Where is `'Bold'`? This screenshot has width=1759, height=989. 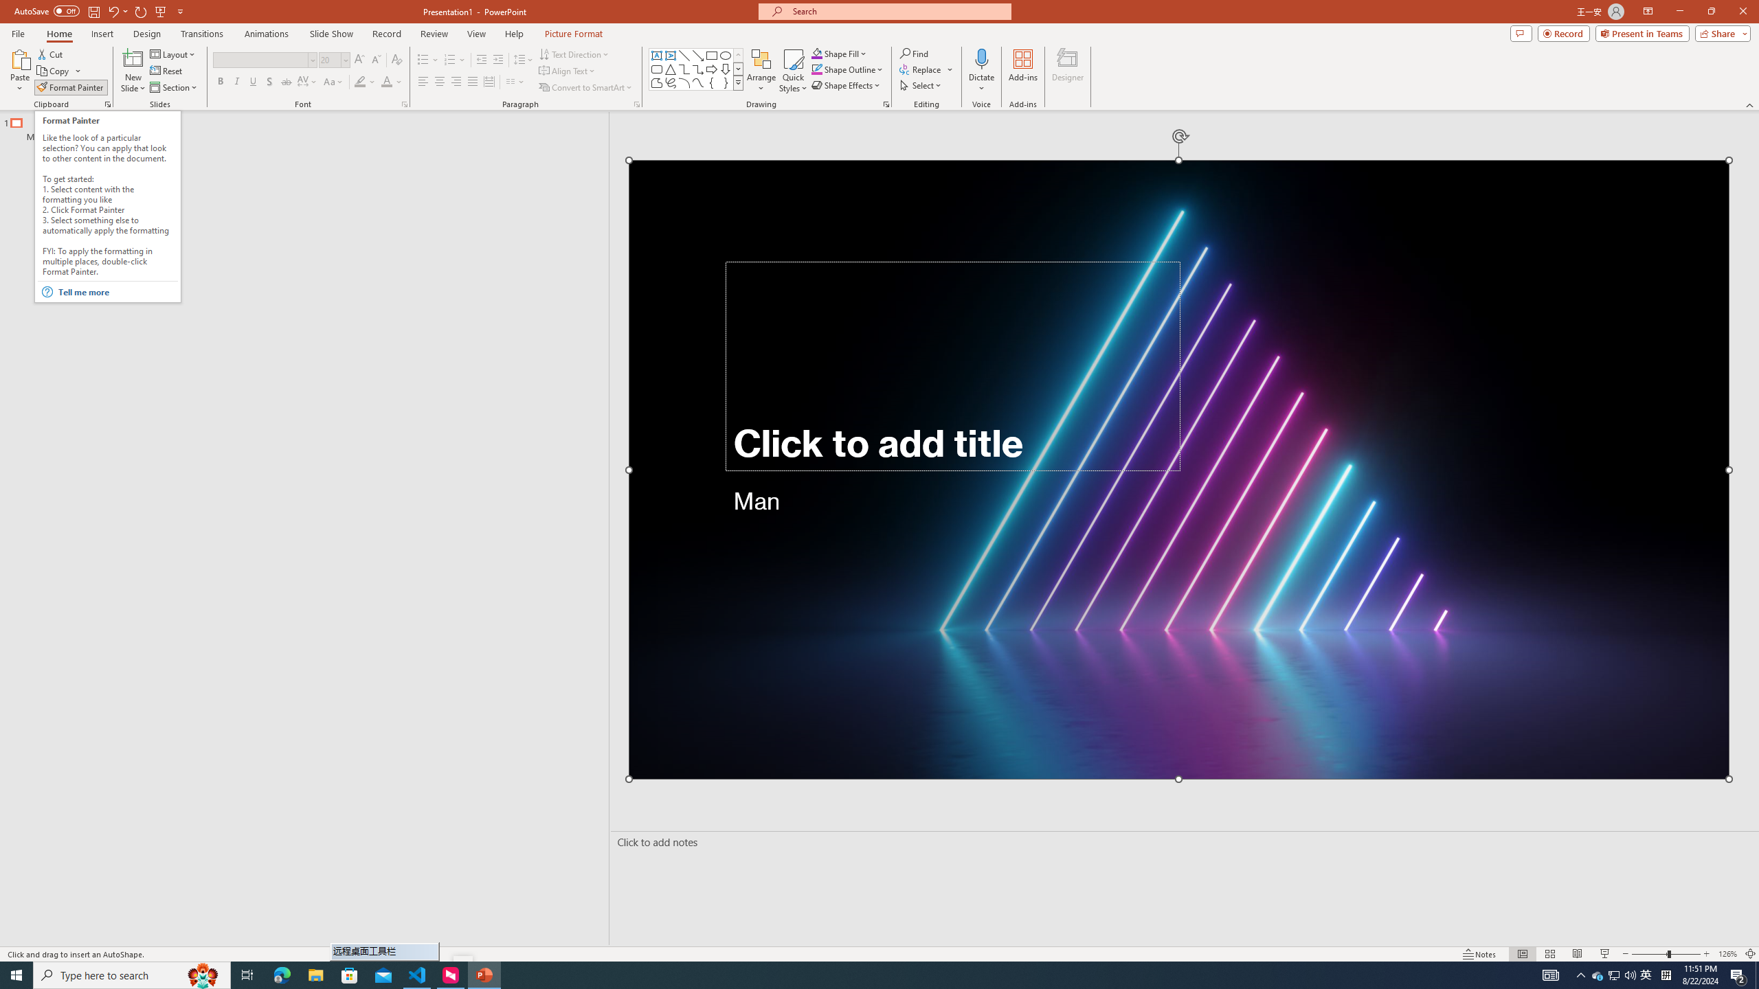
'Bold' is located at coordinates (221, 81).